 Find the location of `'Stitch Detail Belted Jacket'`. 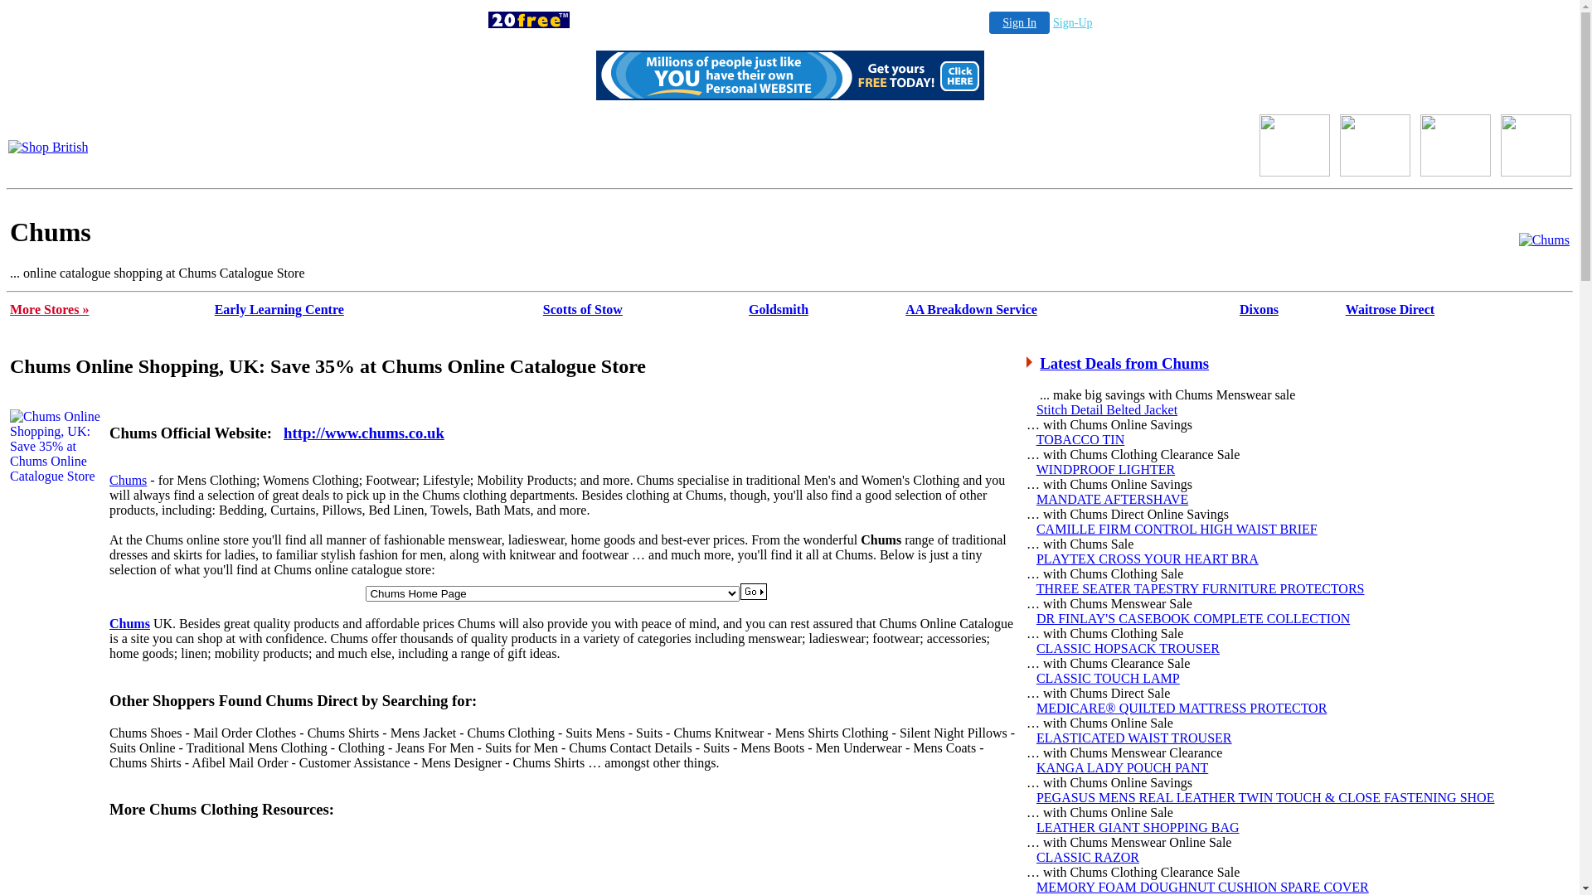

'Stitch Detail Belted Jacket' is located at coordinates (1106, 409).